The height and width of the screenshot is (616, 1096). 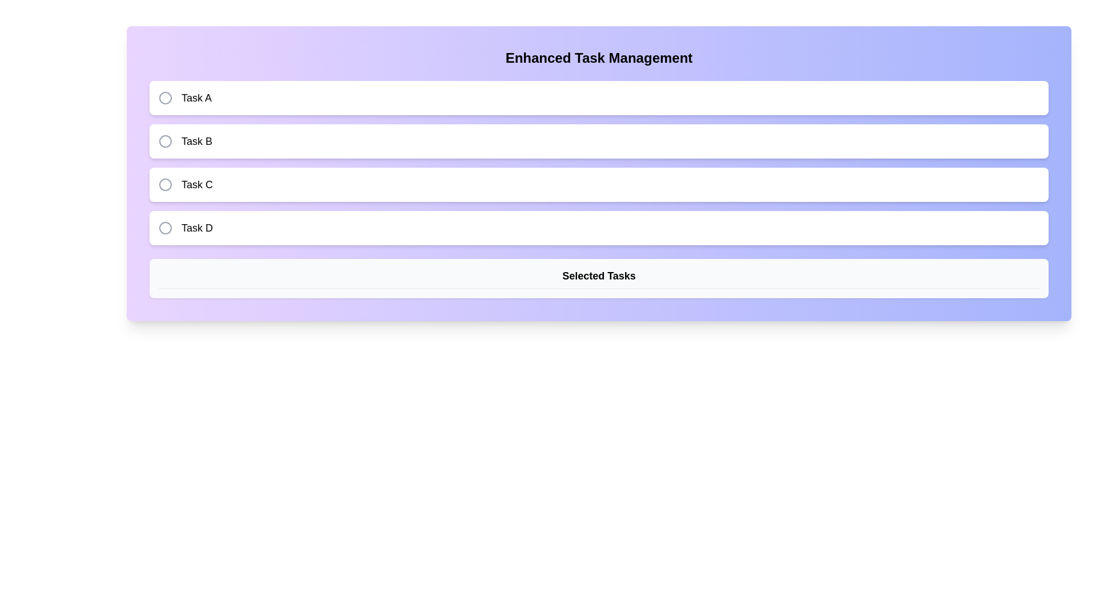 What do you see at coordinates (598, 140) in the screenshot?
I see `the selectable task option labeled 'Task B'` at bounding box center [598, 140].